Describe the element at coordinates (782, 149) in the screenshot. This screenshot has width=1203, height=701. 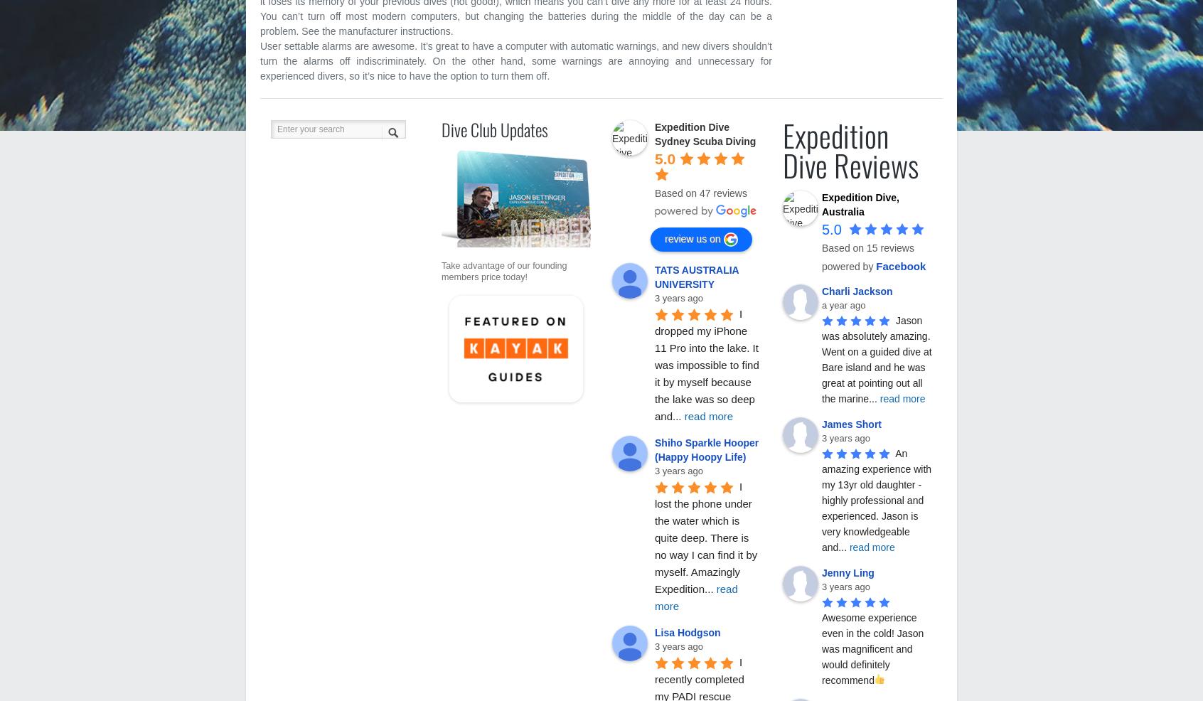
I see `'Expedition Dive Reviews'` at that location.